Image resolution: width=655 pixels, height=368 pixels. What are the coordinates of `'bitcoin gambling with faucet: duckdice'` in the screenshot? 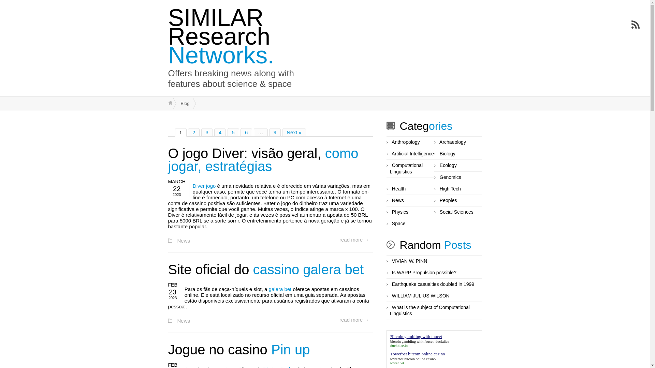 It's located at (419, 341).